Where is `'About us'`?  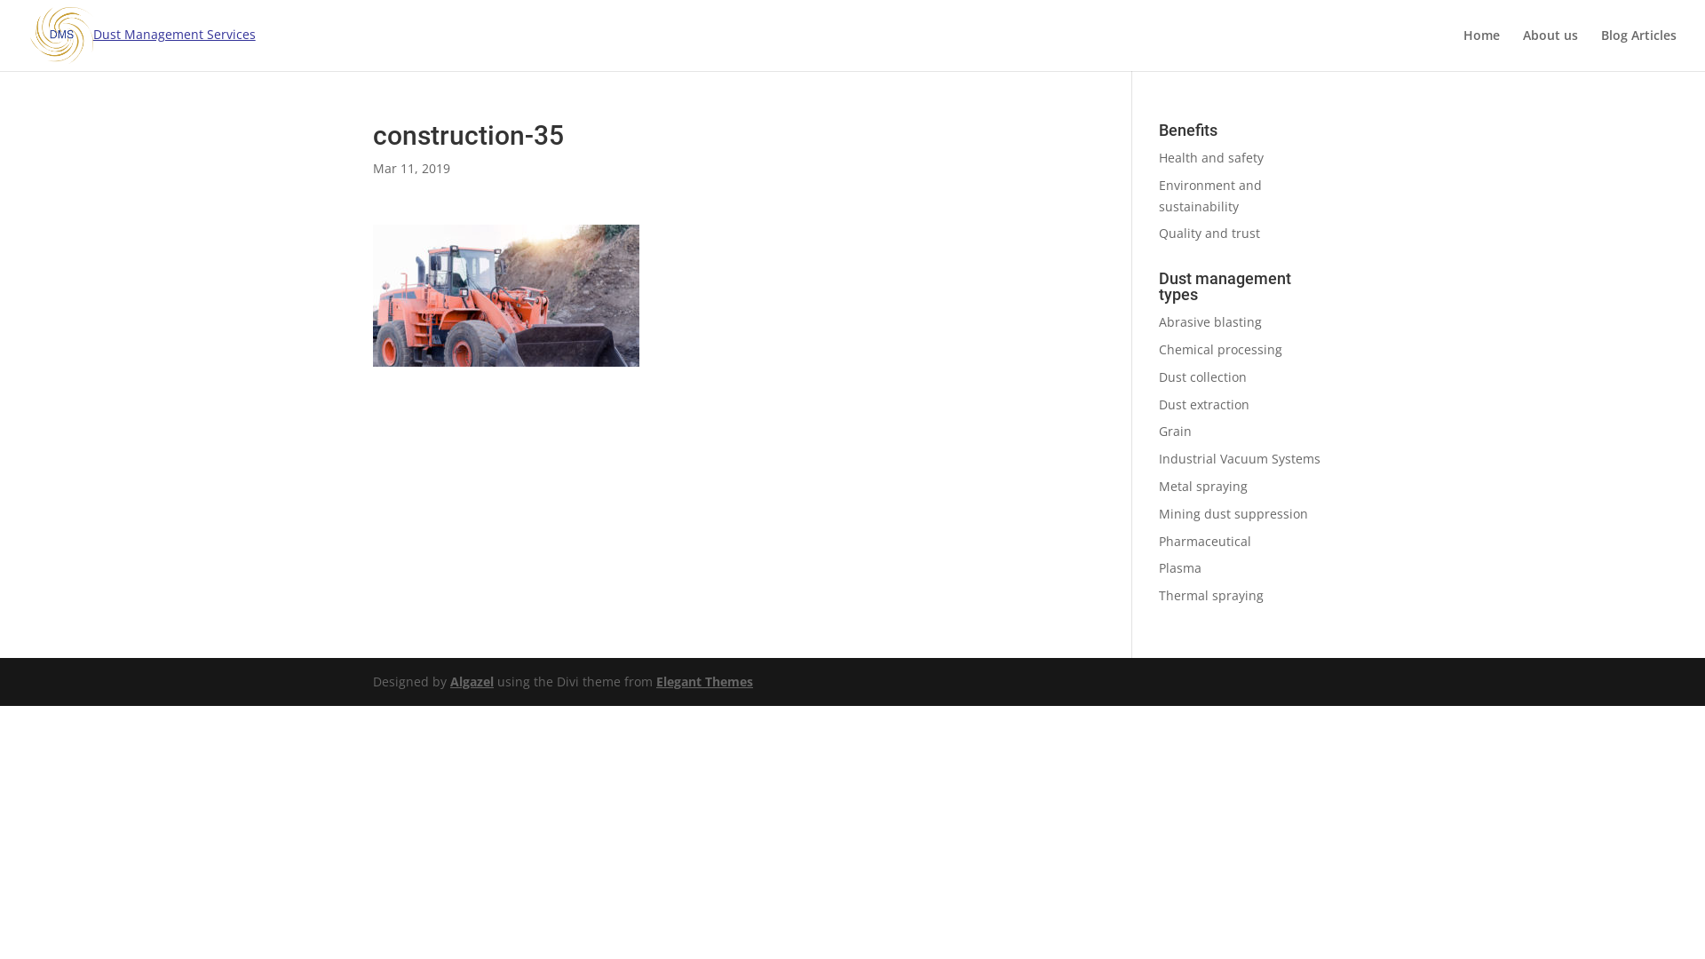
'About us' is located at coordinates (1550, 49).